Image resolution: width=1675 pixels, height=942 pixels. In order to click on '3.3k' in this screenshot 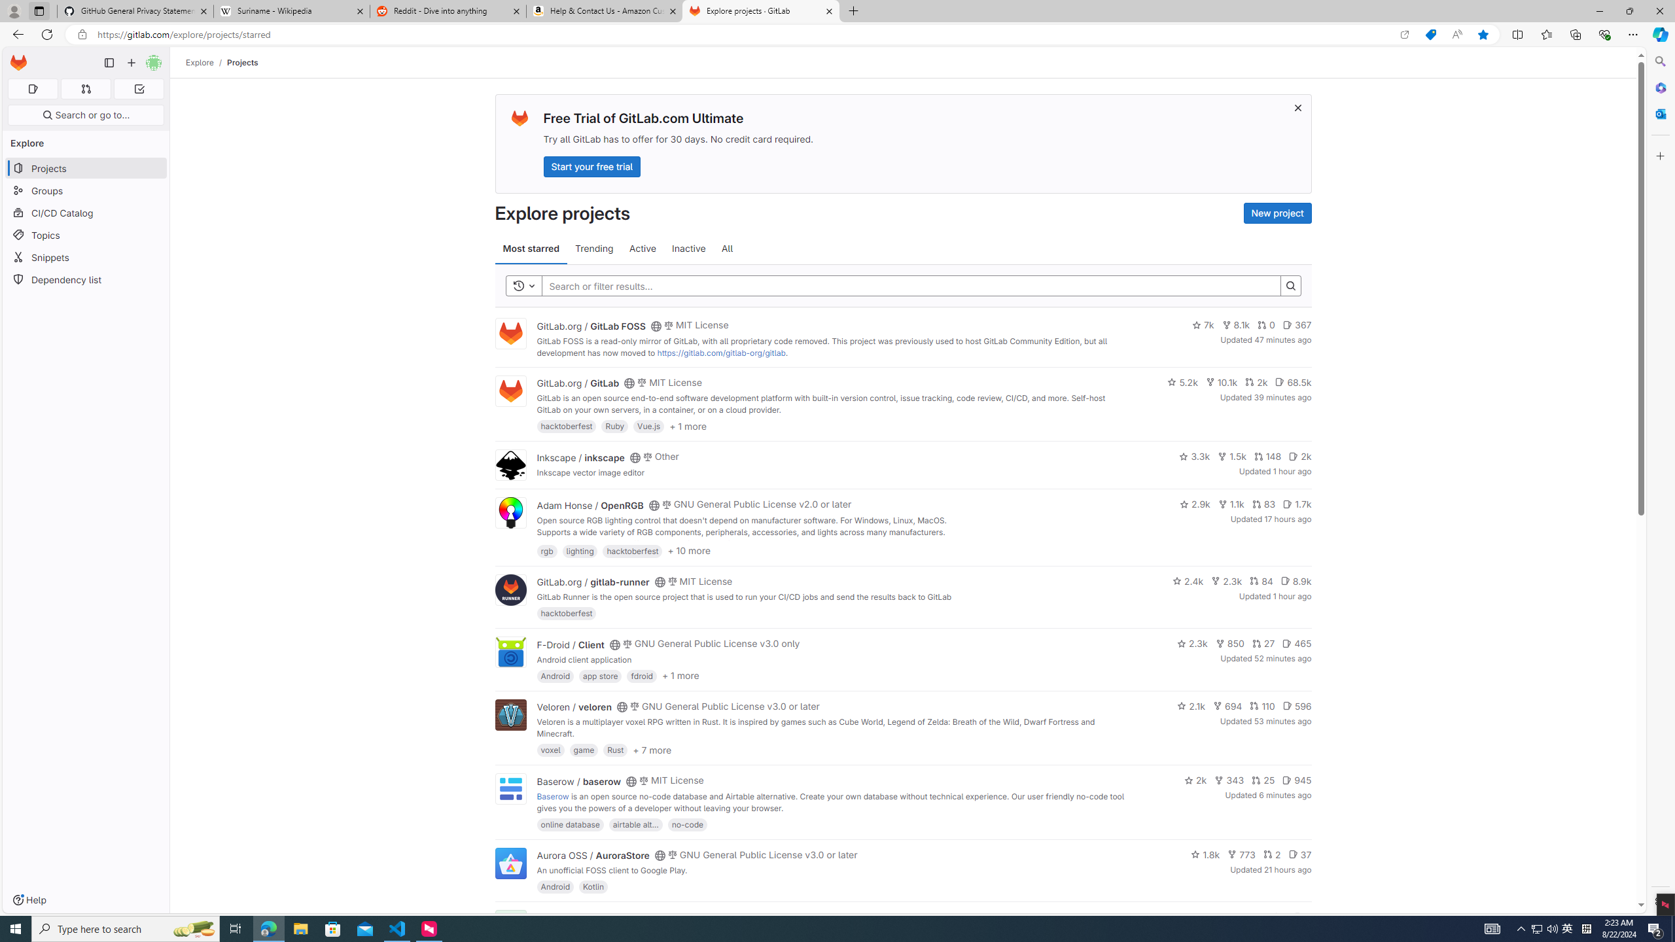, I will do `click(1195, 456)`.